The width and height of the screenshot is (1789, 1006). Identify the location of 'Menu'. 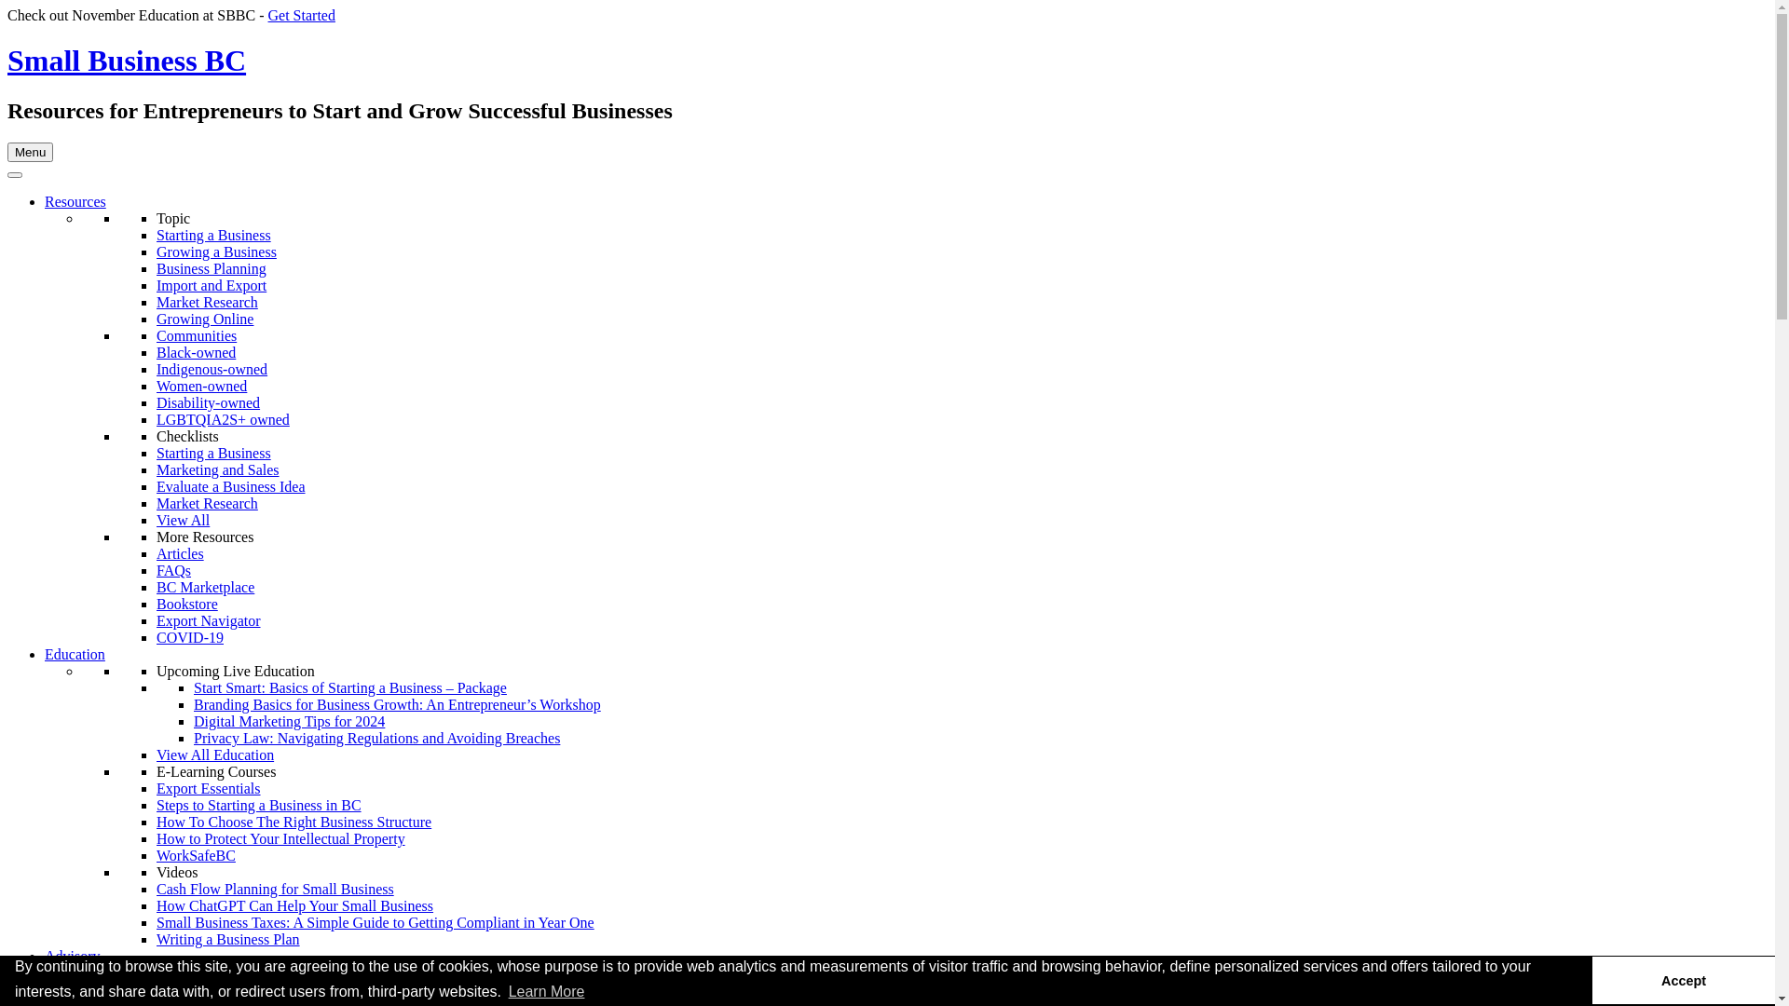
(30, 151).